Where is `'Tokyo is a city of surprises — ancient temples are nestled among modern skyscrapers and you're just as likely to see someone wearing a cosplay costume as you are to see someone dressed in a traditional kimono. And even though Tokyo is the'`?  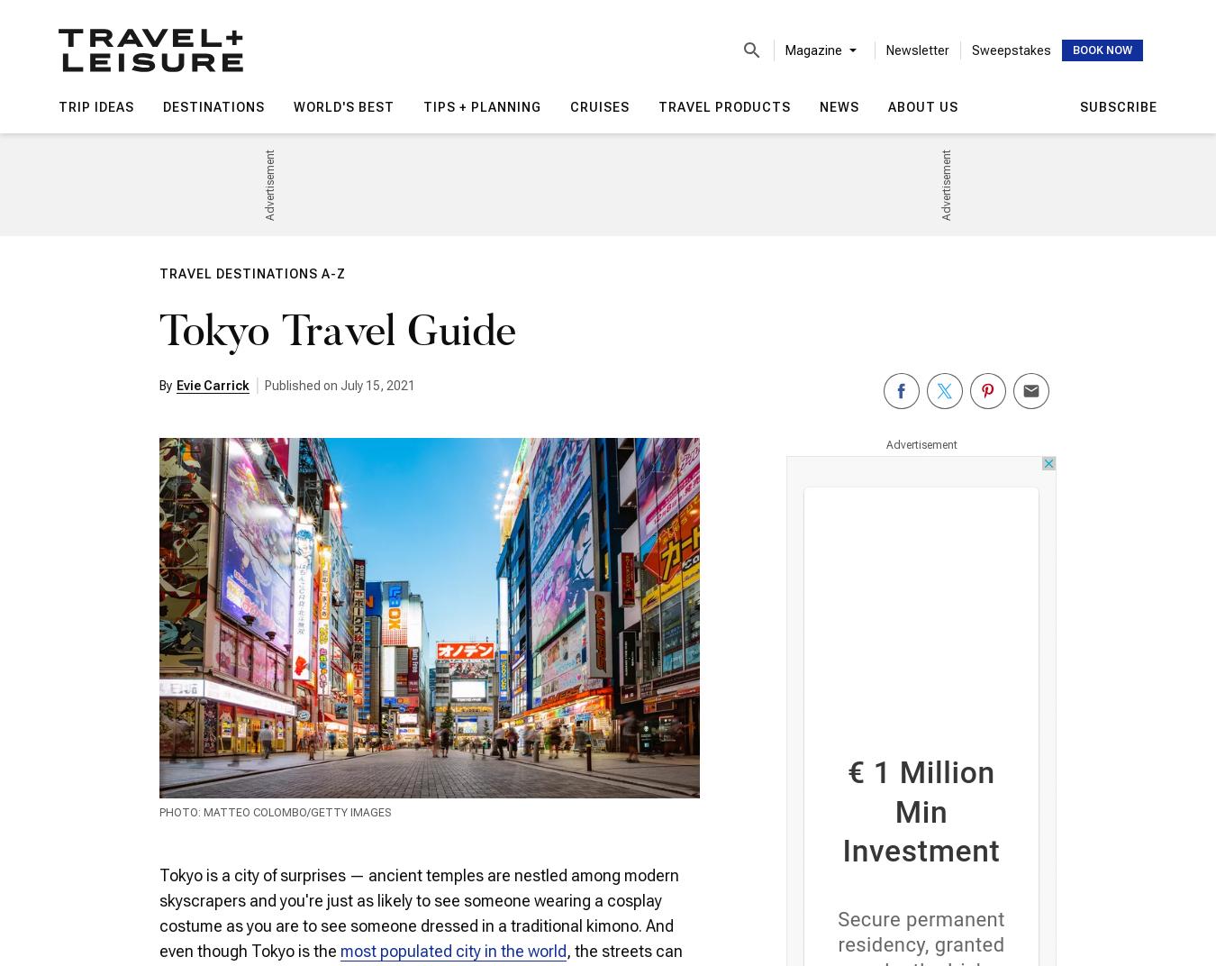
'Tokyo is a city of surprises — ancient temples are nestled among modern skyscrapers and you're just as likely to see someone wearing a cosplay costume as you are to see someone dressed in a traditional kimono. And even though Tokyo is the' is located at coordinates (159, 912).